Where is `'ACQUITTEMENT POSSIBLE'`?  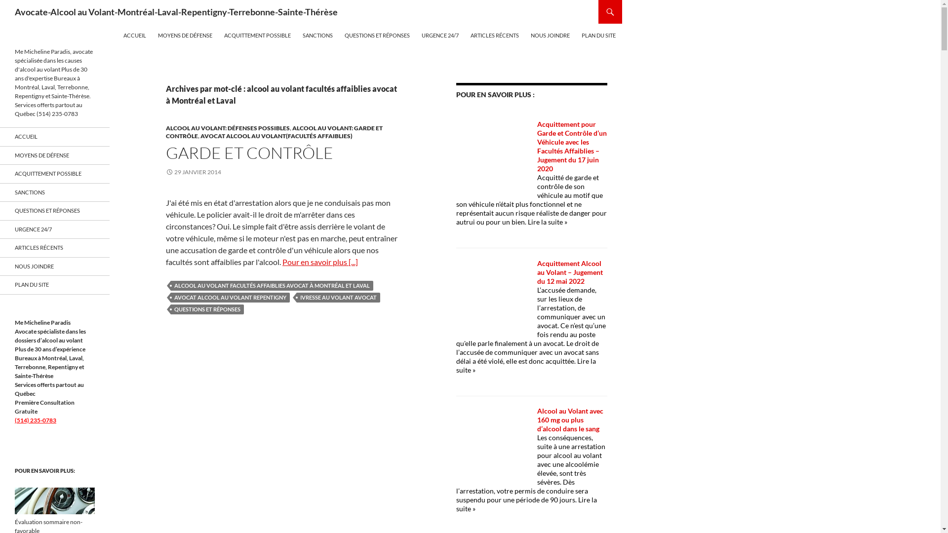 'ACQUITTEMENT POSSIBLE' is located at coordinates (54, 173).